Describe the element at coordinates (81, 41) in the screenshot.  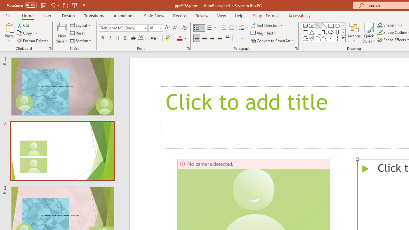
I see `'Section'` at that location.